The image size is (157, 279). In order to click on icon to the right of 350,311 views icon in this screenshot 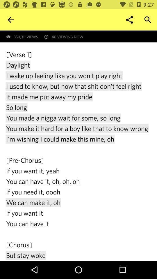, I will do `click(129, 20)`.